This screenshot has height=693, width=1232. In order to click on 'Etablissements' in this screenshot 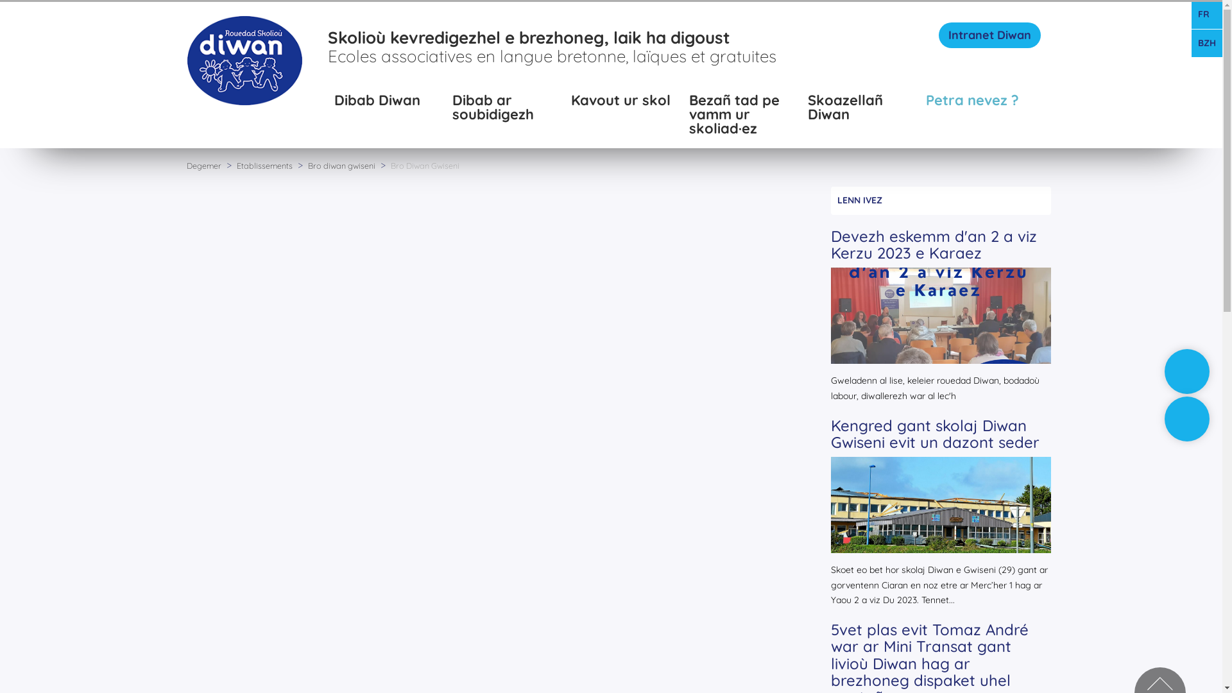, I will do `click(264, 165)`.